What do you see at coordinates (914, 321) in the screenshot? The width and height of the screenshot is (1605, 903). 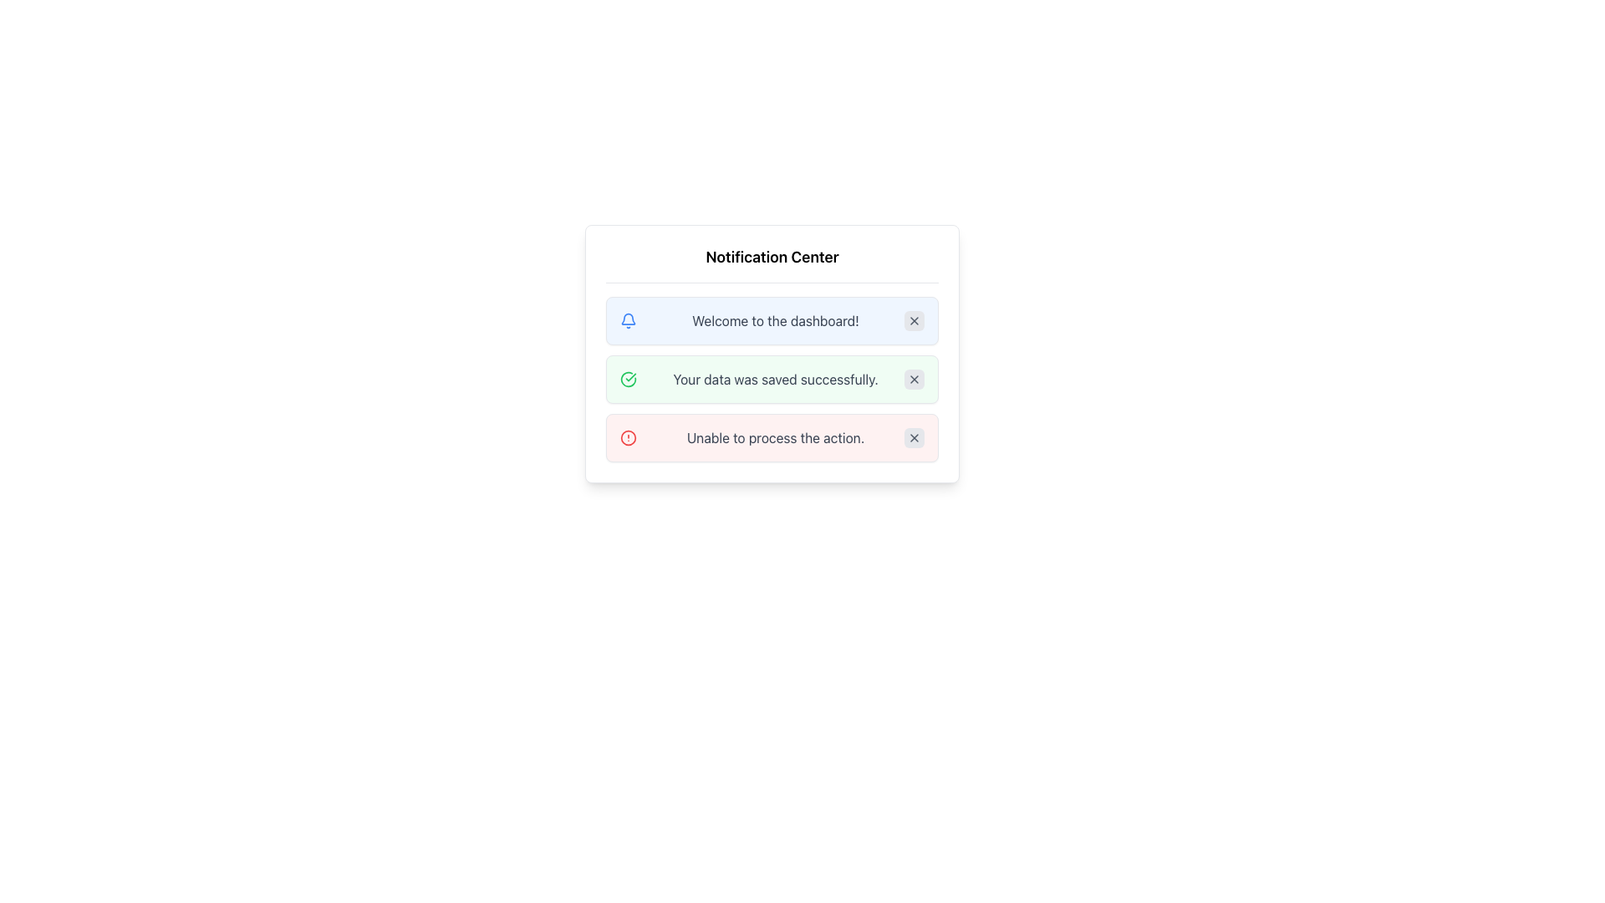 I see `the small, square button with a light gray background and a dark gray 'X' icon, located at the top-right corner of the first notification entry that displays 'Welcome to the dashboard!'` at bounding box center [914, 321].